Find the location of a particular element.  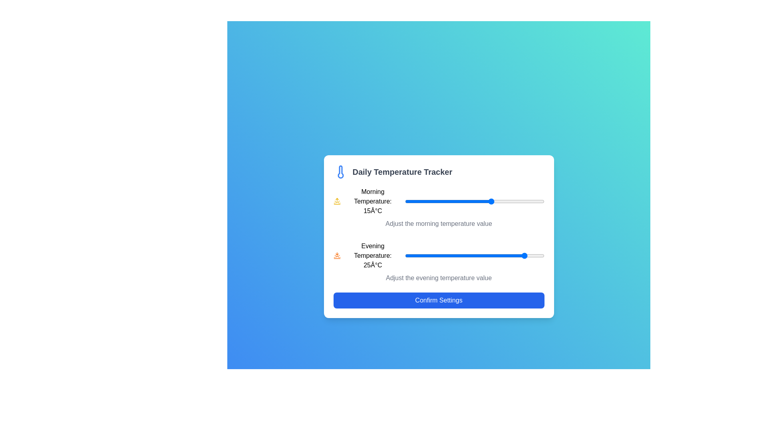

the morning temperature slider to a value of 5 is located at coordinates (457, 201).